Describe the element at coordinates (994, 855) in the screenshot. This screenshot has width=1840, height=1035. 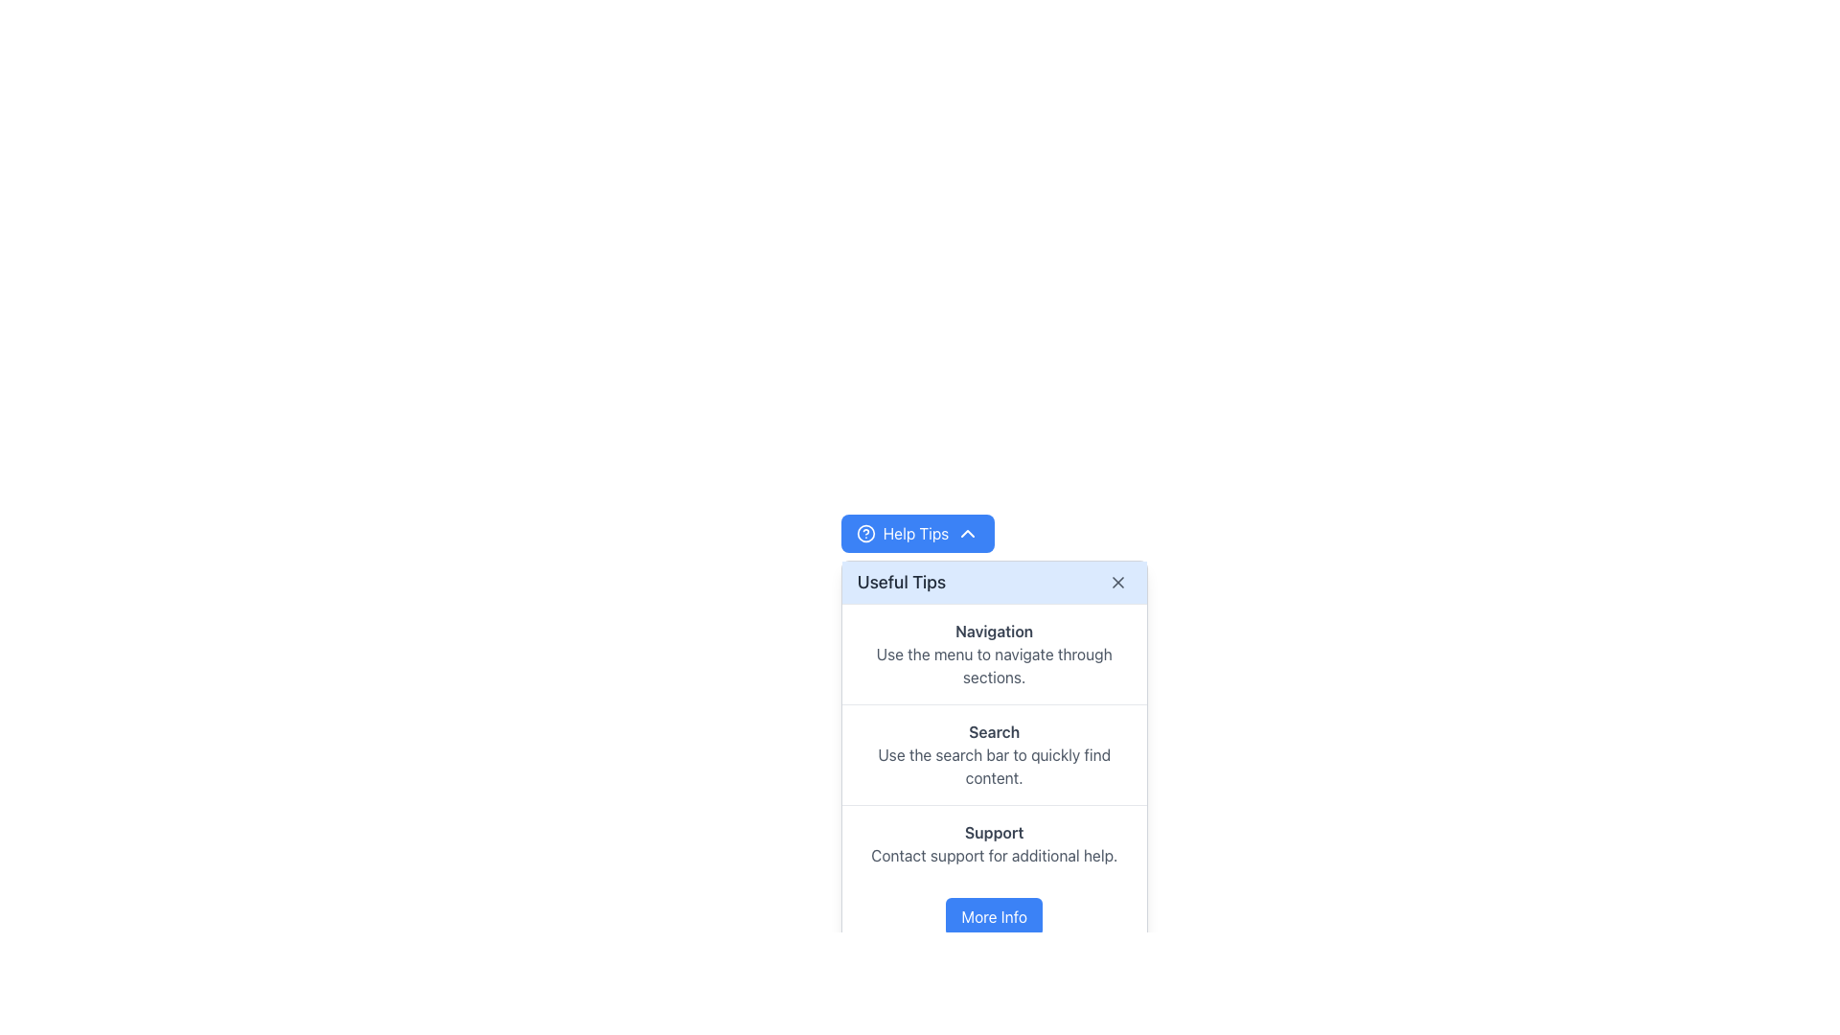
I see `the informative text element that instructs users to contact support for further assistance, located in the bottom-right segment of the 'Useful Tips' modal` at that location.